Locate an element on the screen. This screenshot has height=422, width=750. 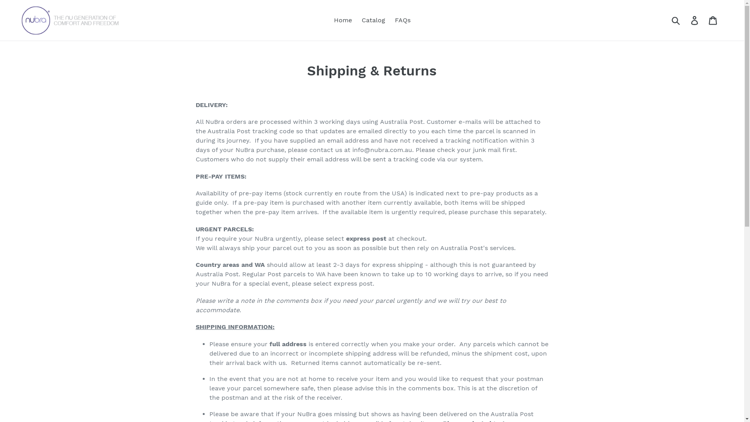
'Home' is located at coordinates (343, 20).